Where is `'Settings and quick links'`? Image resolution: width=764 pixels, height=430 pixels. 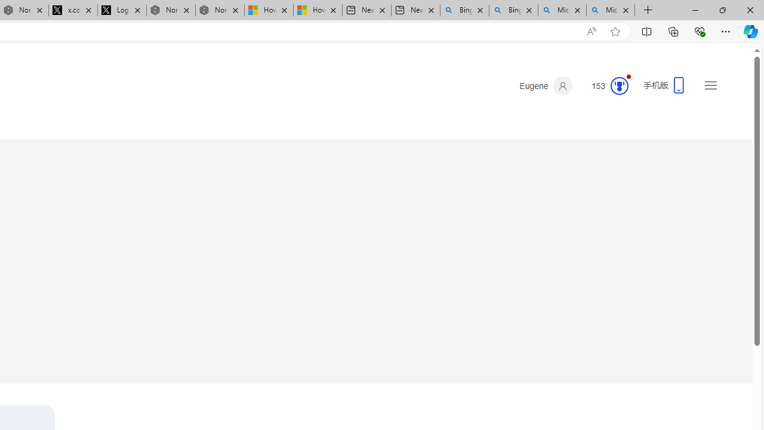
'Settings and quick links' is located at coordinates (711, 84).